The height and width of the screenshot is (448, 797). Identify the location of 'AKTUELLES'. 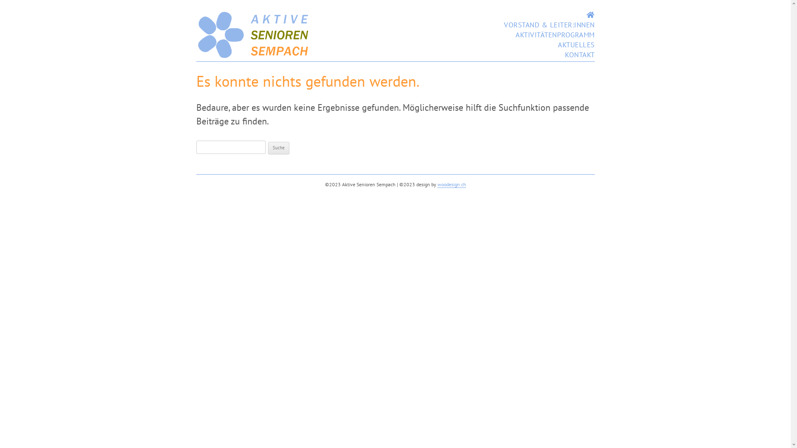
(576, 45).